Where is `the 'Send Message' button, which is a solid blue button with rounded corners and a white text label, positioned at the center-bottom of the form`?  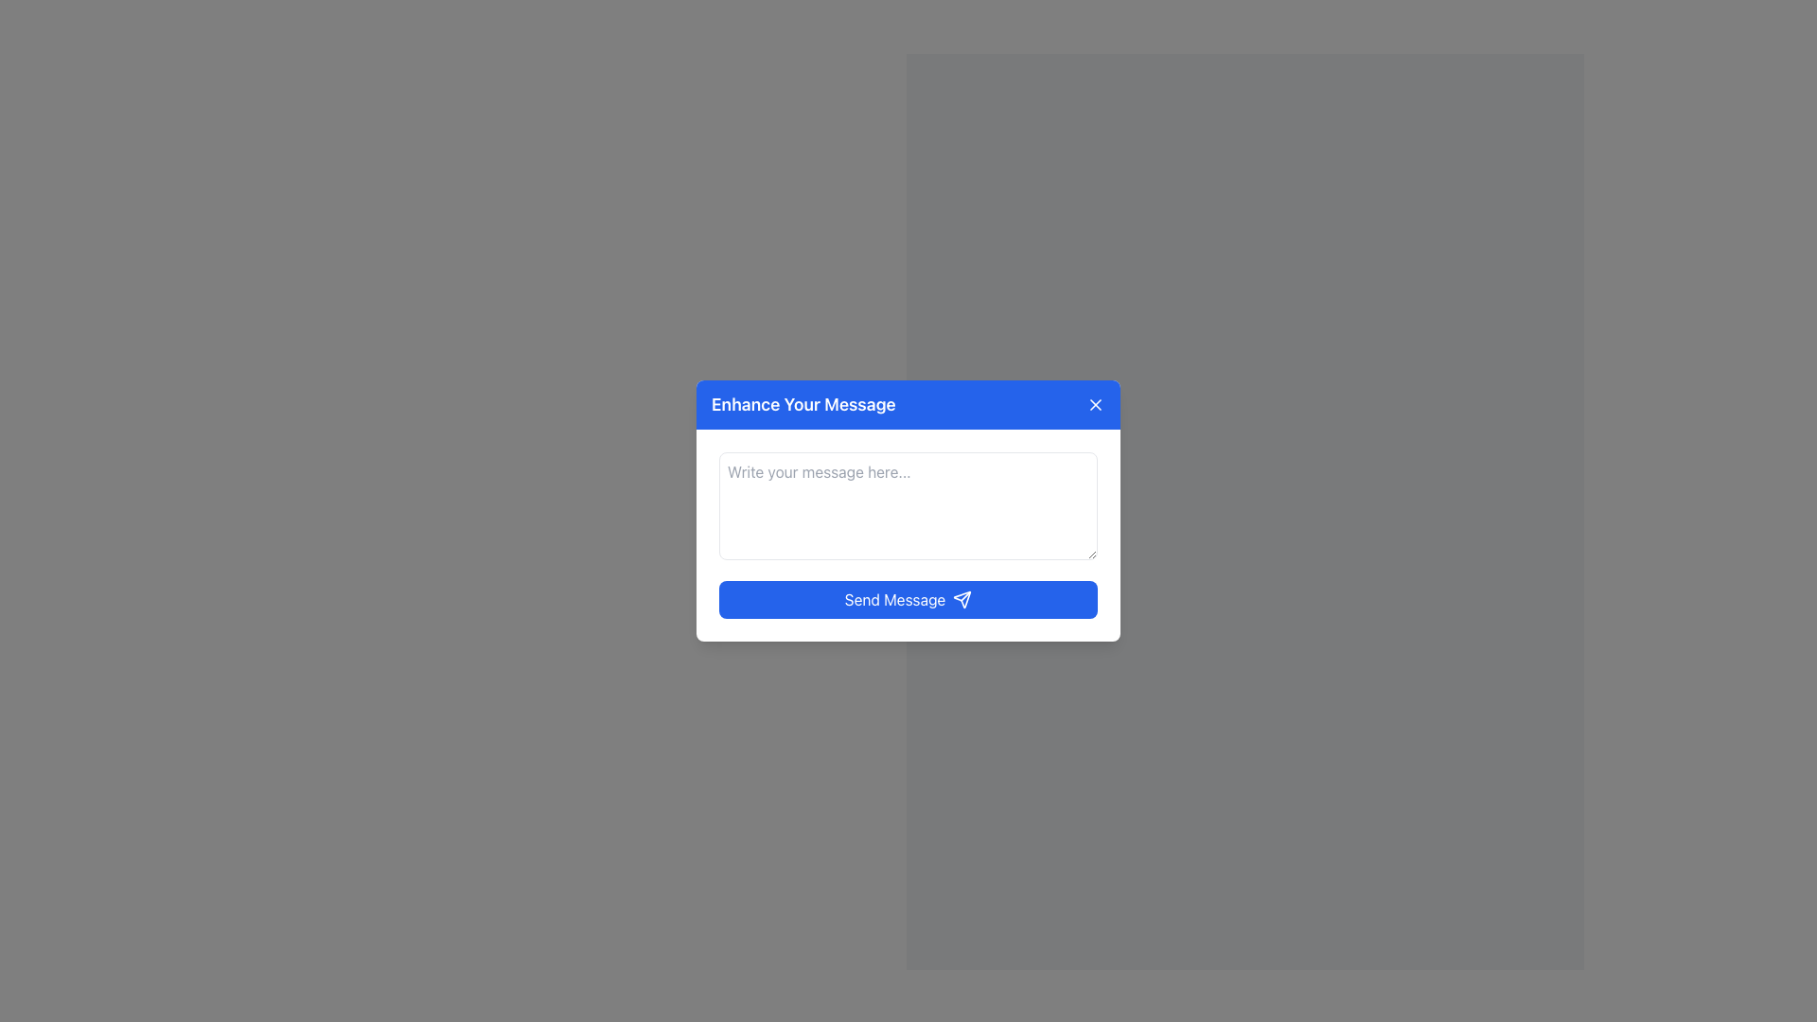
the 'Send Message' button, which is a solid blue button with rounded corners and a white text label, positioned at the center-bottom of the form is located at coordinates (908, 599).